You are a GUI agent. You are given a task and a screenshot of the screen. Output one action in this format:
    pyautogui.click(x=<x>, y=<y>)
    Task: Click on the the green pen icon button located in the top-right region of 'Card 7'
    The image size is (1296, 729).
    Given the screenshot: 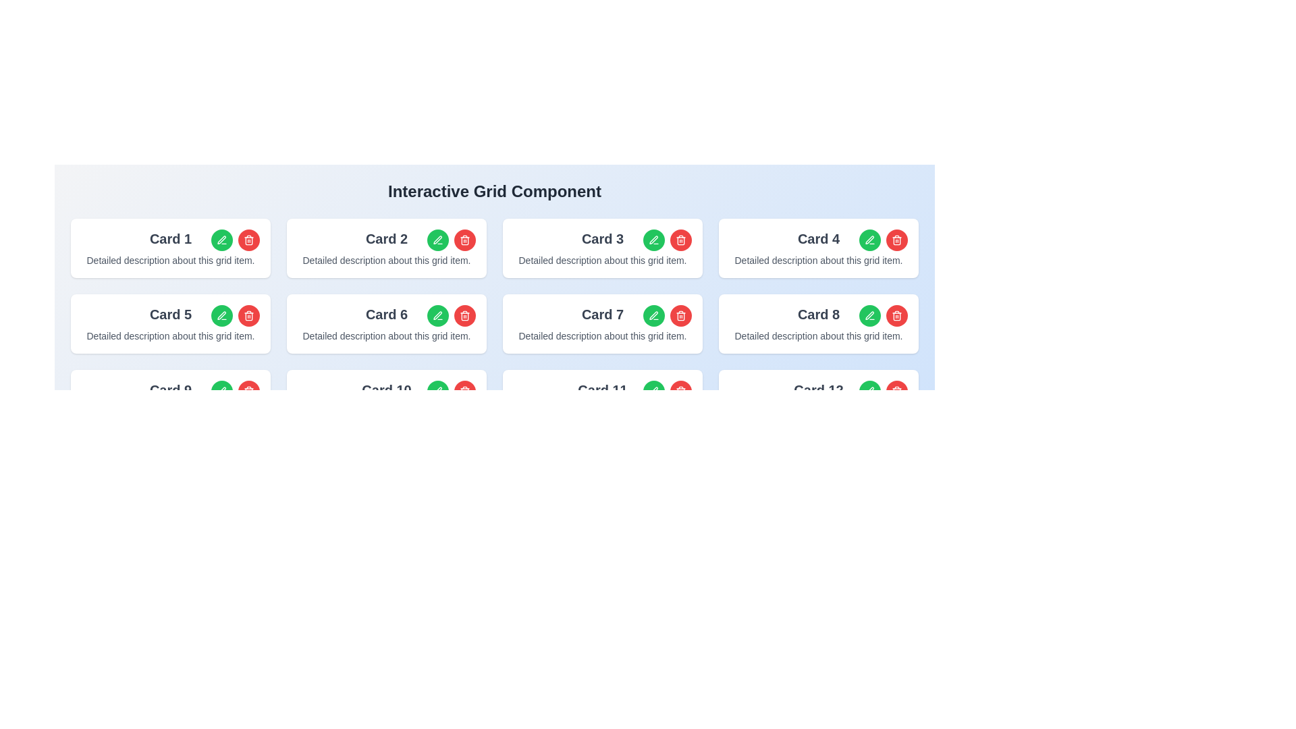 What is the action you would take?
    pyautogui.click(x=654, y=315)
    